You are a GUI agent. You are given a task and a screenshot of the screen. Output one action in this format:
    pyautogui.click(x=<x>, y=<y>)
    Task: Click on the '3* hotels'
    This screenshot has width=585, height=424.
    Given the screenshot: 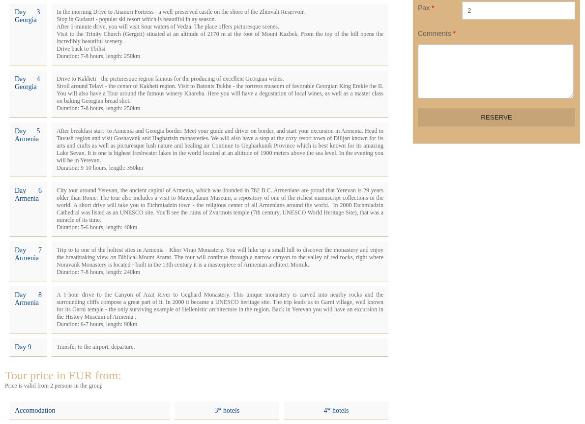 What is the action you would take?
    pyautogui.click(x=226, y=410)
    